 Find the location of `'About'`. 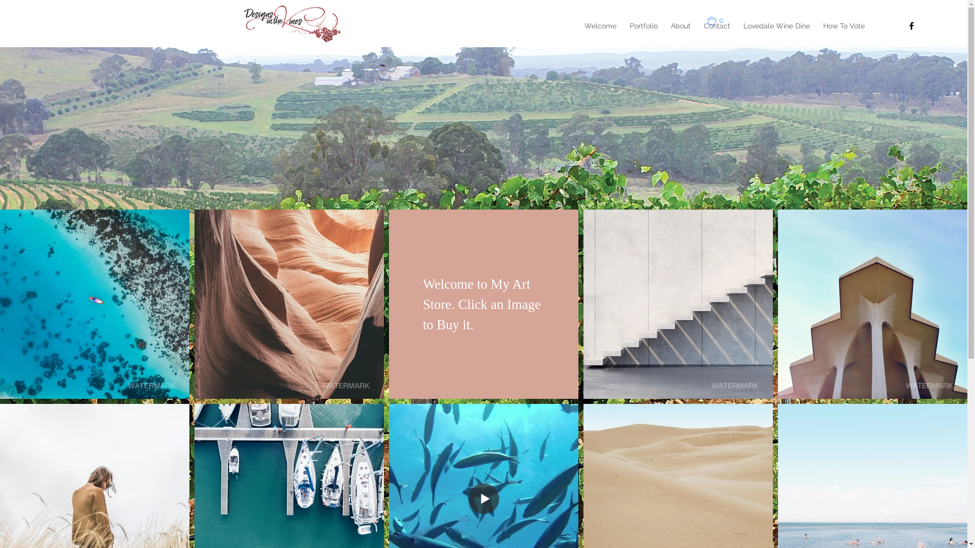

'About' is located at coordinates (680, 25).